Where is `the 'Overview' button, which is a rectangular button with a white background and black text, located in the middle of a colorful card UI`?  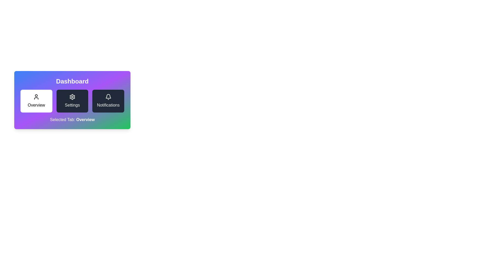
the 'Overview' button, which is a rectangular button with a white background and black text, located in the middle of a colorful card UI is located at coordinates (72, 101).